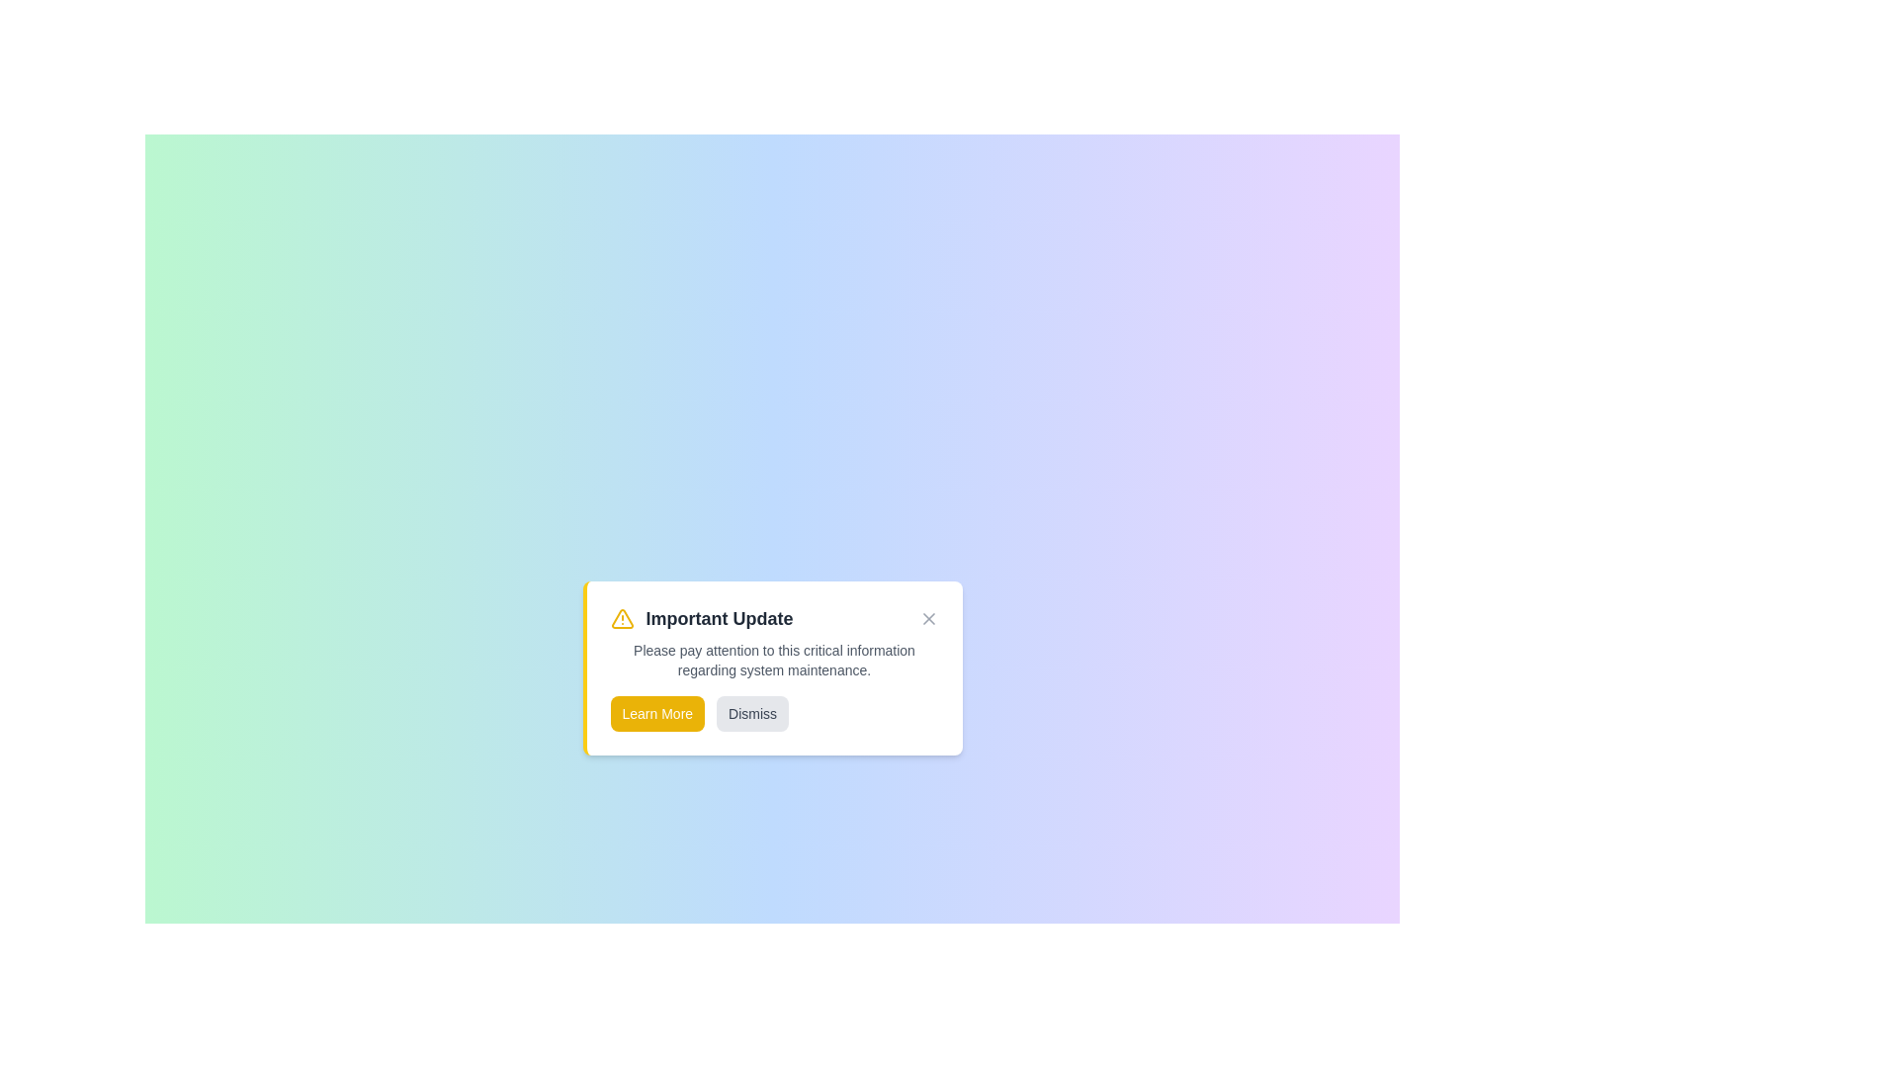  I want to click on the 'Dismiss' button to close the notification alert, so click(751, 713).